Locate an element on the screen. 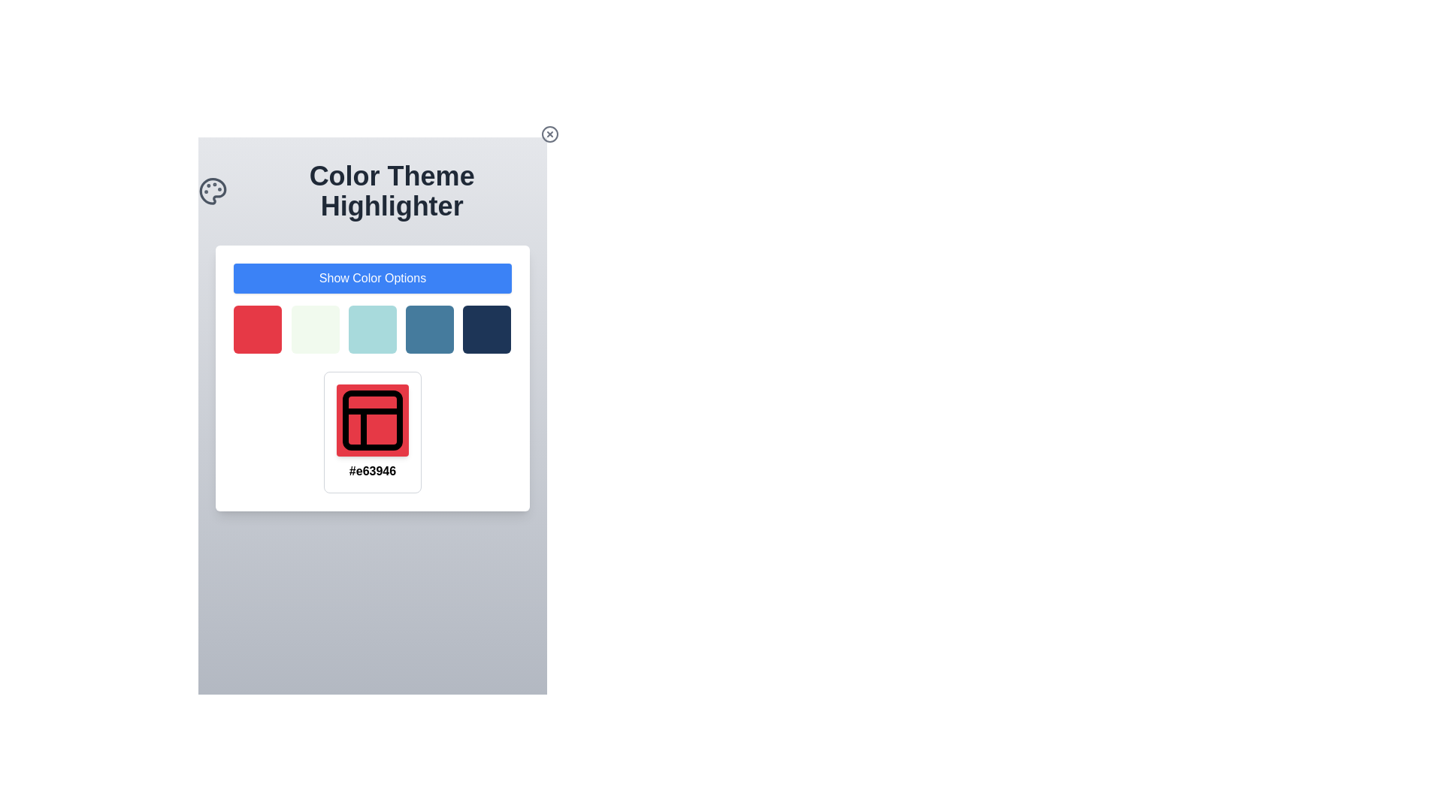 The width and height of the screenshot is (1443, 811). the third selectable grid item with a rounded-corner design and light teal background is located at coordinates (372, 329).